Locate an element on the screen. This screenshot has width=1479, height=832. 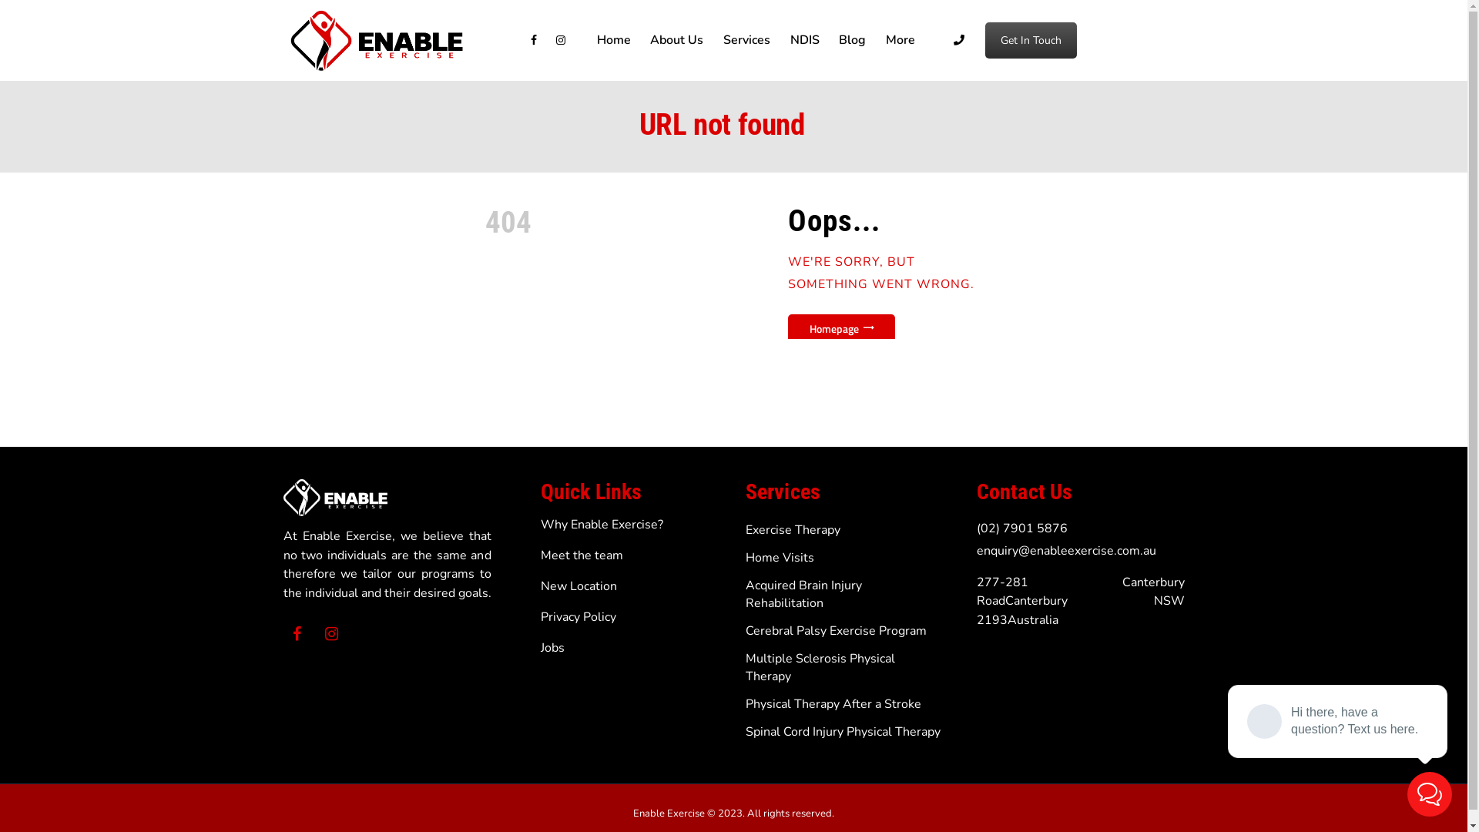
'Multiple Sclerosis Physical Therapy' is located at coordinates (820, 666).